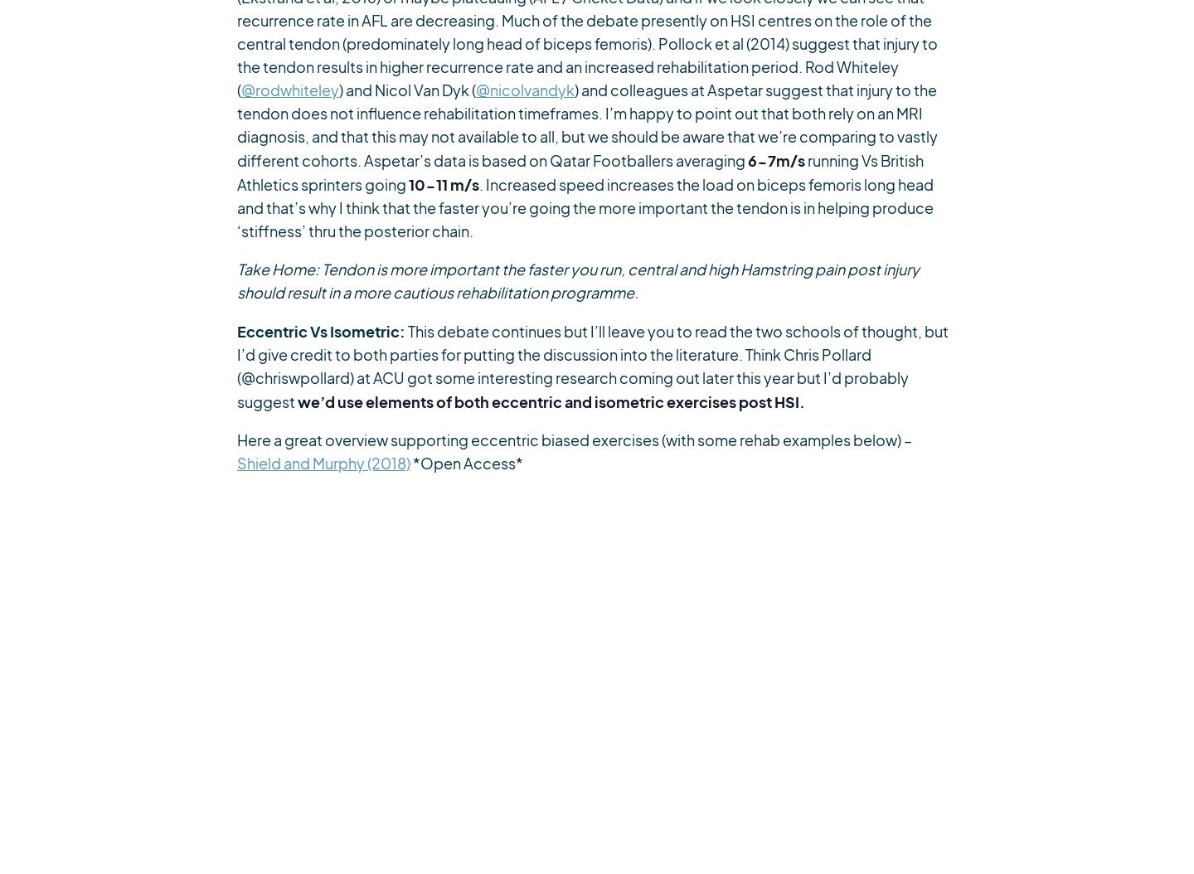 This screenshot has width=1194, height=874. Describe the element at coordinates (235, 172) in the screenshot. I see `'running Vs British Athletics sprinters going'` at that location.